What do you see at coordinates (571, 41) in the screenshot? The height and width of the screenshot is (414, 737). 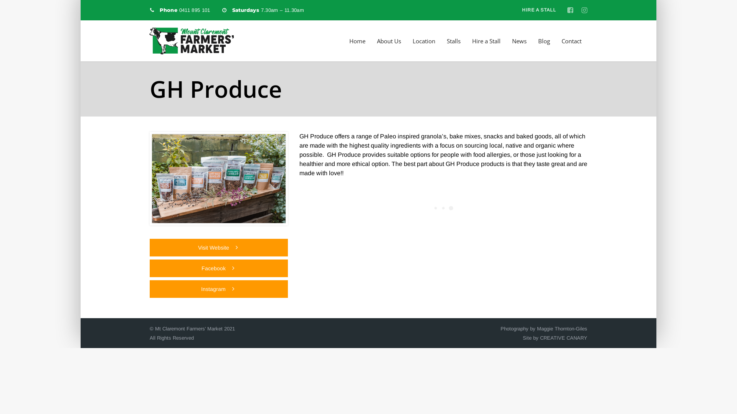 I see `'Contact'` at bounding box center [571, 41].